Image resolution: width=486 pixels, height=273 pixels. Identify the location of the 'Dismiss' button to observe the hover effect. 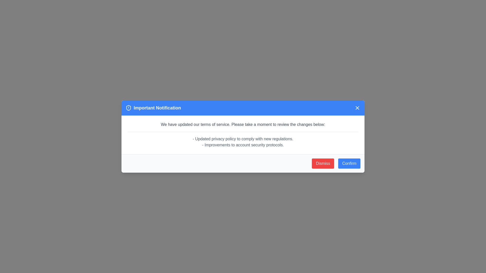
(323, 164).